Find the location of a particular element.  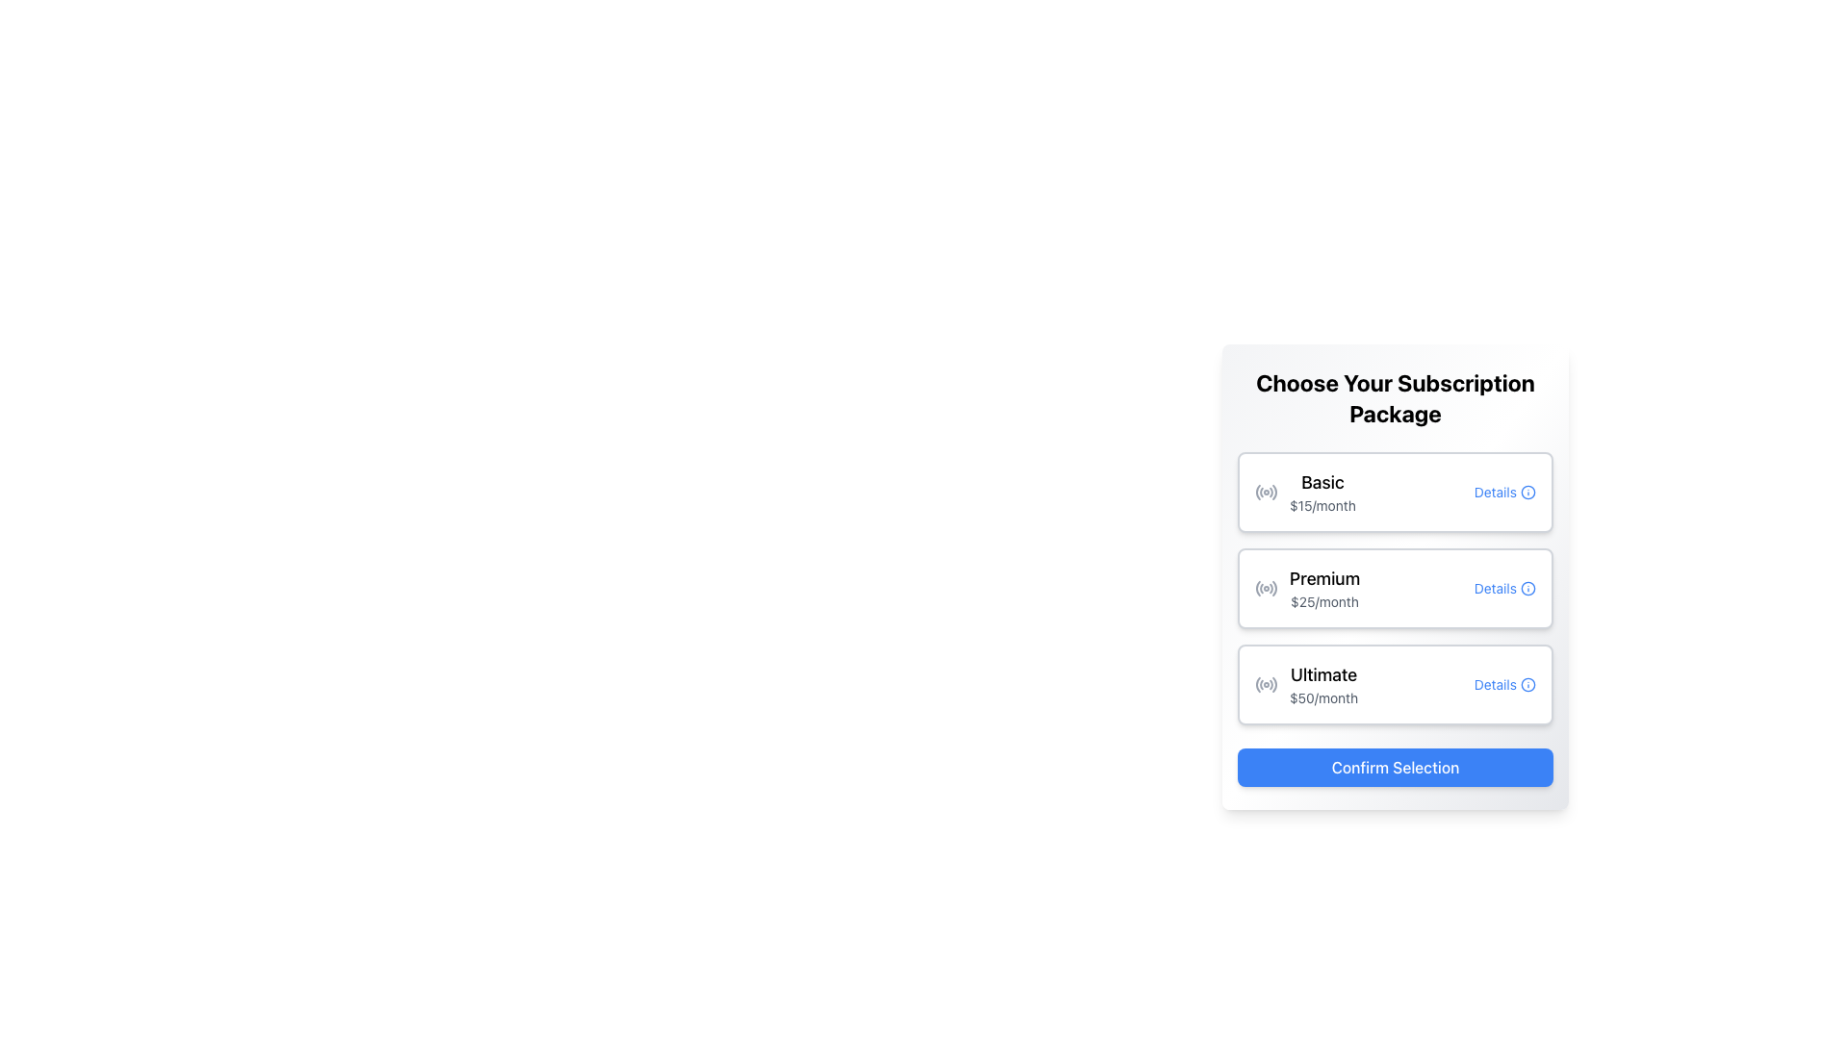

the text label that displays the monthly cost of the 'Basic' subscription plan, which is located beneath the heading 'Basic' in the first subscription option block is located at coordinates (1322, 504).